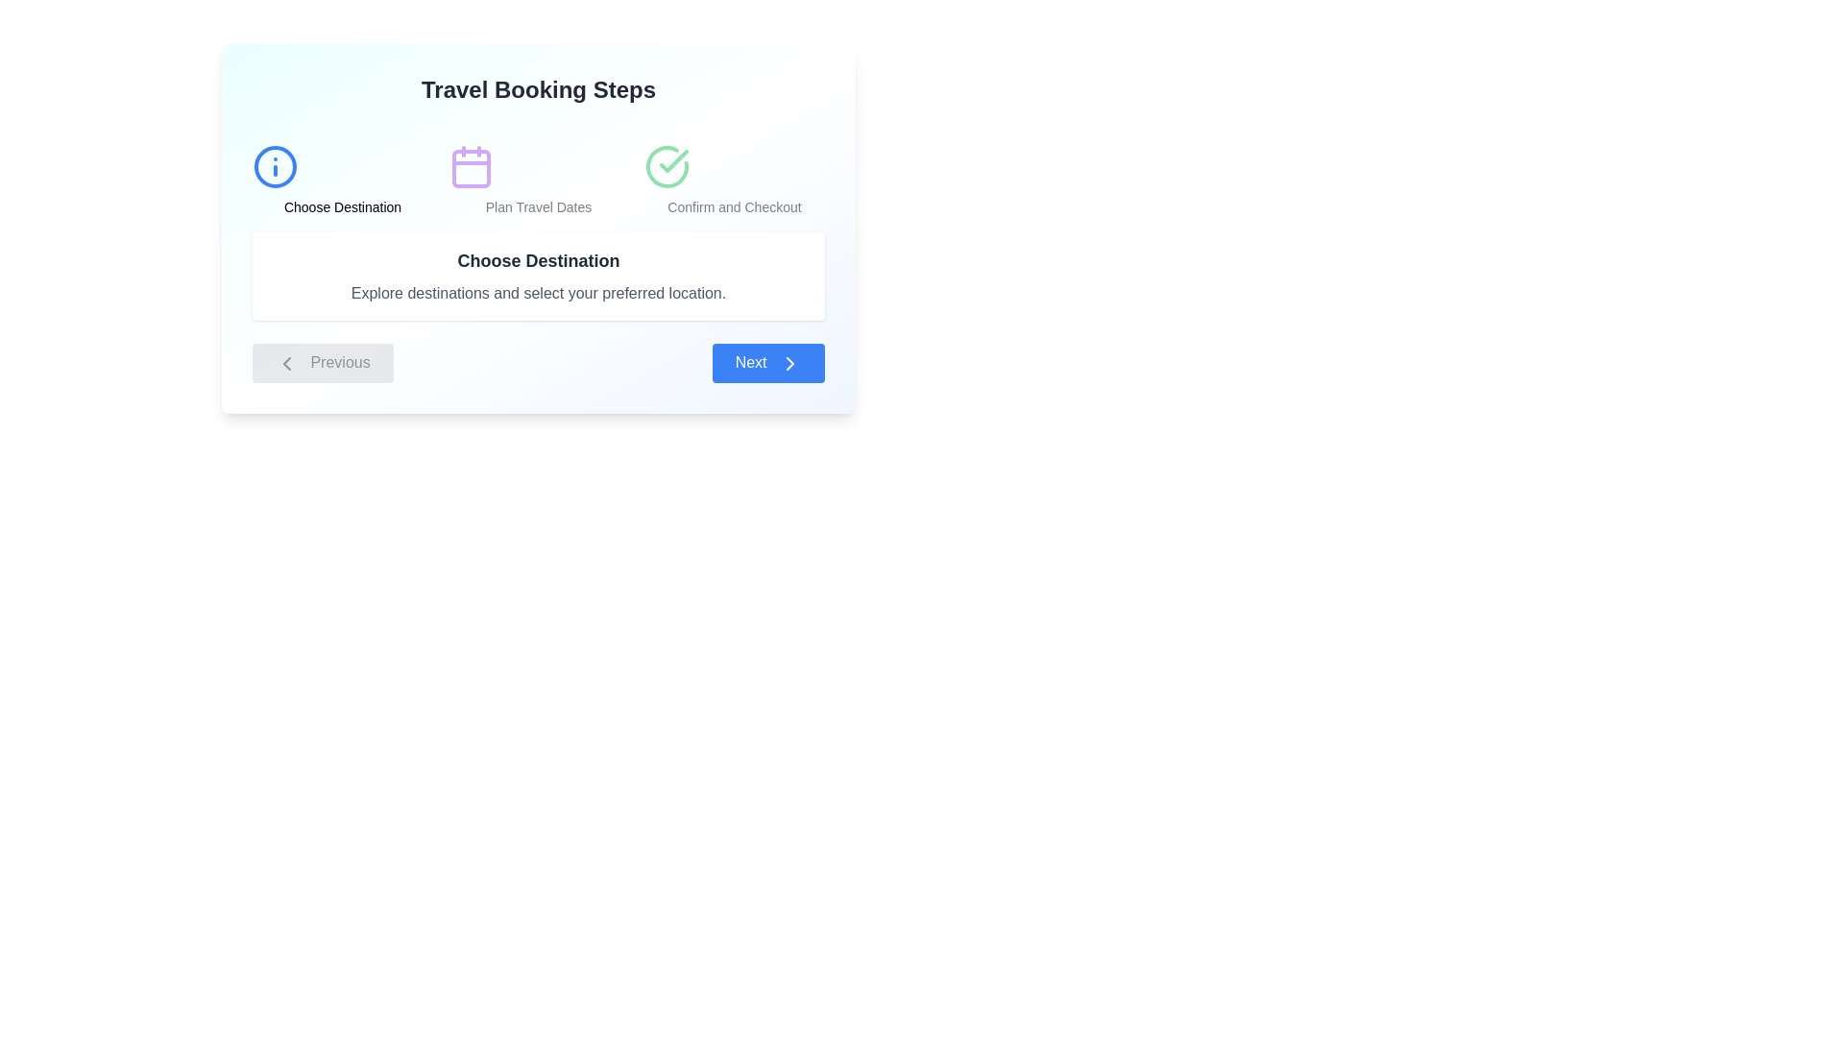  What do you see at coordinates (538, 277) in the screenshot?
I see `the static informational card that provides guidance on choosing a destination in the travel booking workflow, located centrally below the 'Travel Booking Steps' title and aligned with the 'Previous' and 'Next' buttons` at bounding box center [538, 277].